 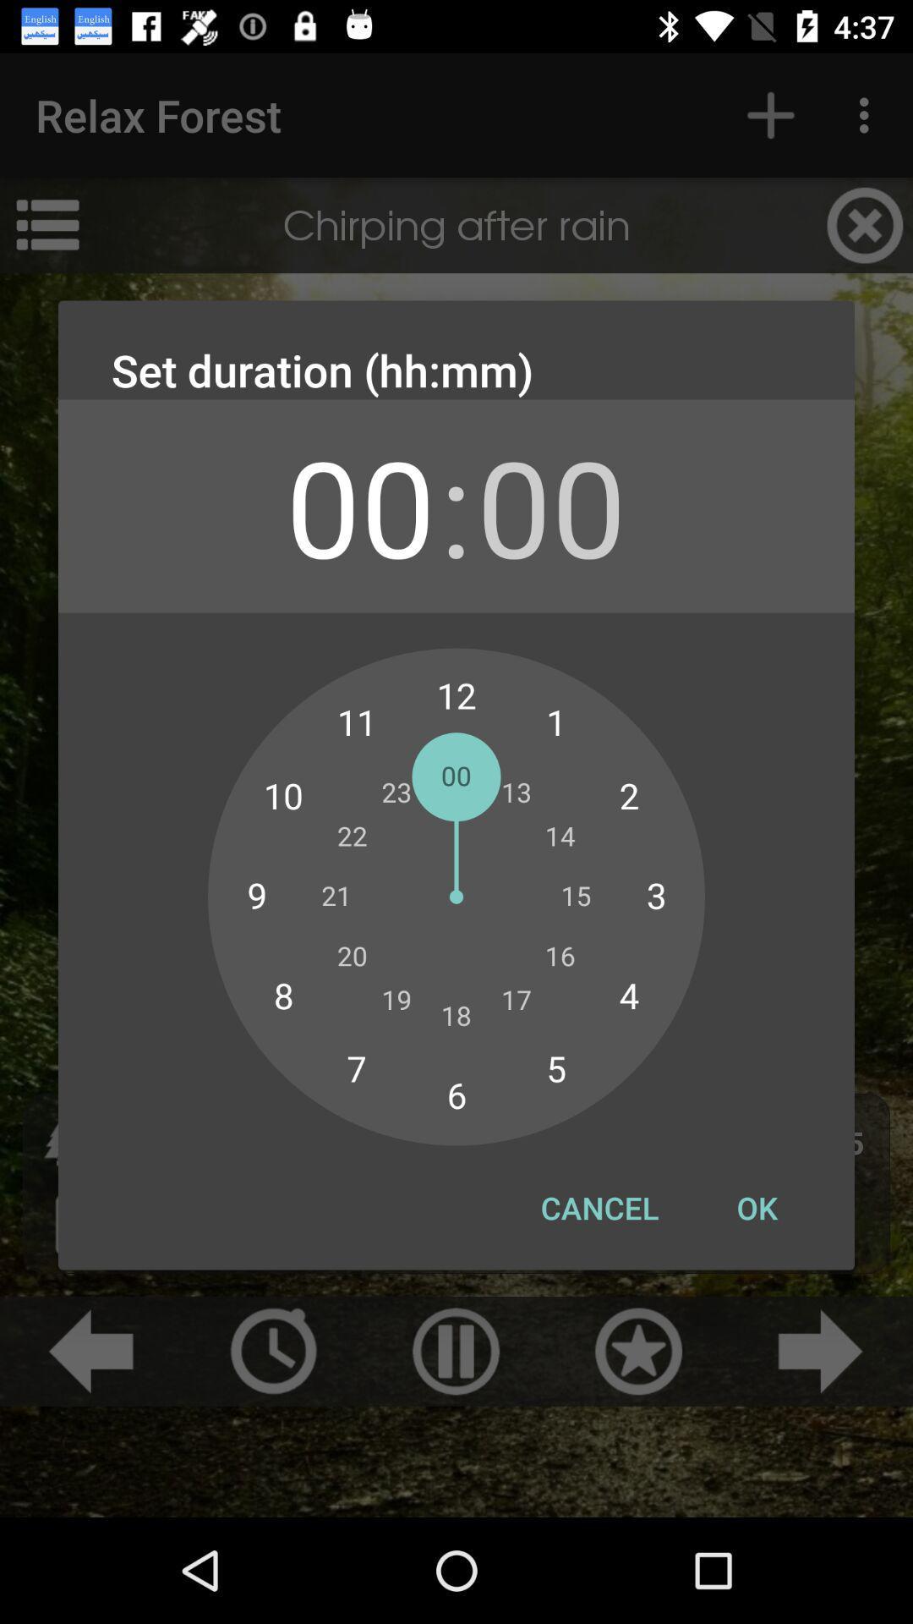 I want to click on the icon to the right of cancel button, so click(x=756, y=1207).